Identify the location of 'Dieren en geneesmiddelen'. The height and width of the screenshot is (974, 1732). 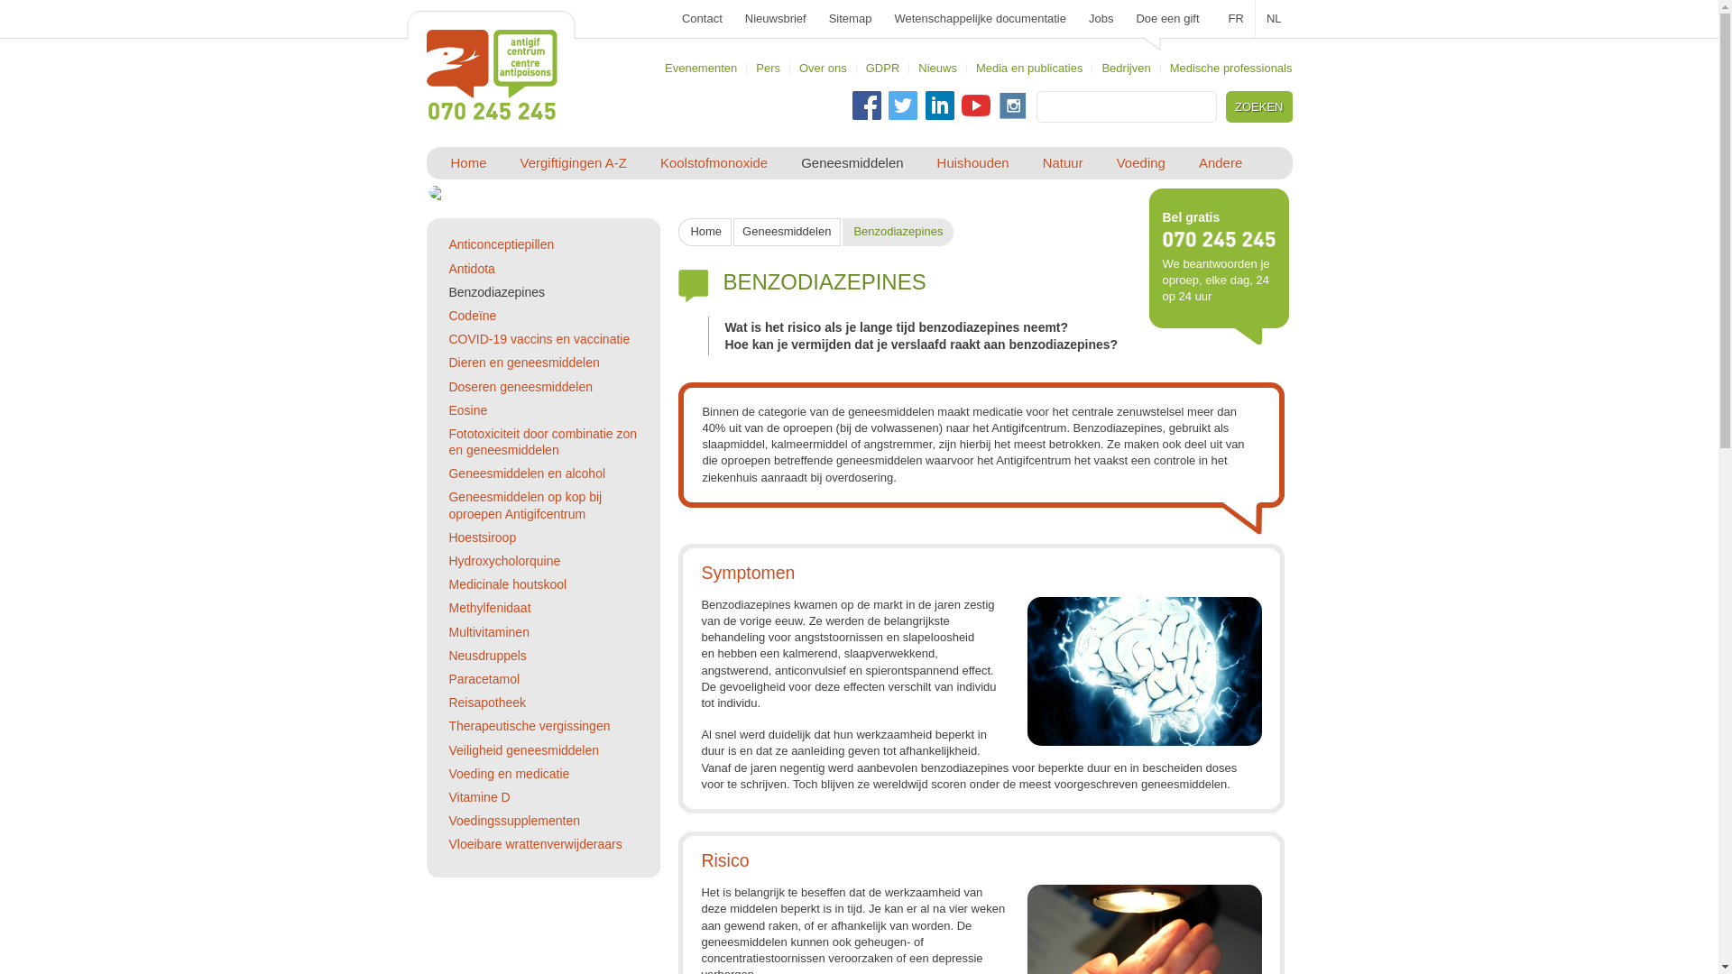
(448, 362).